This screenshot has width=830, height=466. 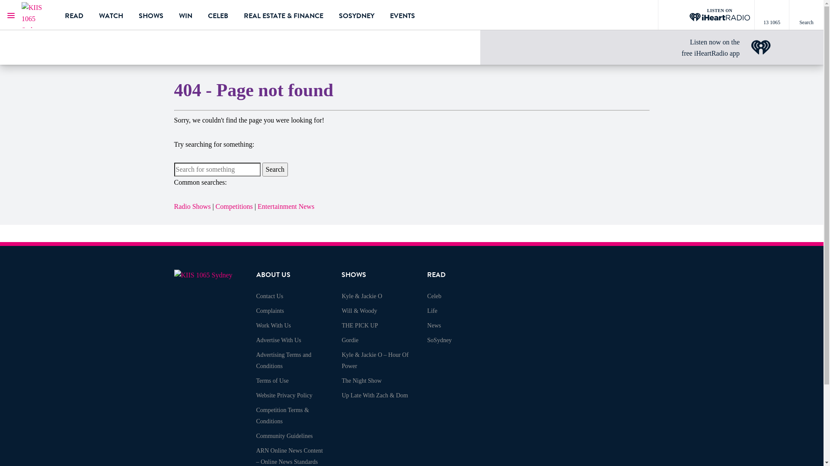 What do you see at coordinates (218, 15) in the screenshot?
I see `'CELEB'` at bounding box center [218, 15].